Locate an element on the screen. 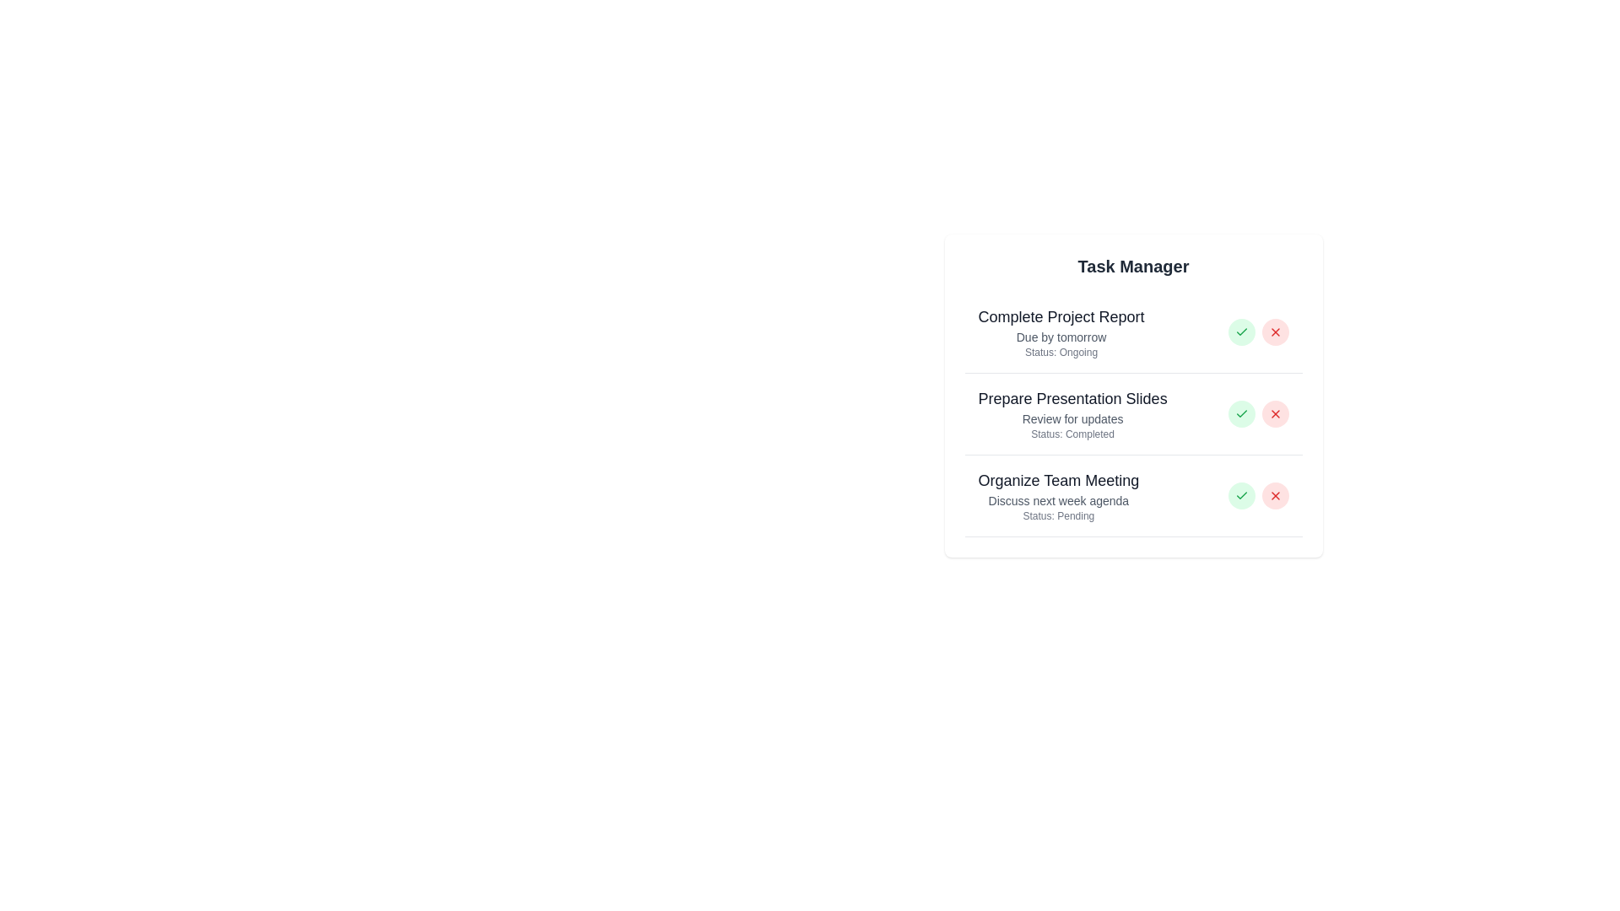  the cancel icon next to the 'Organize Team Meeting' task item in the task manager interface is located at coordinates (1275, 494).